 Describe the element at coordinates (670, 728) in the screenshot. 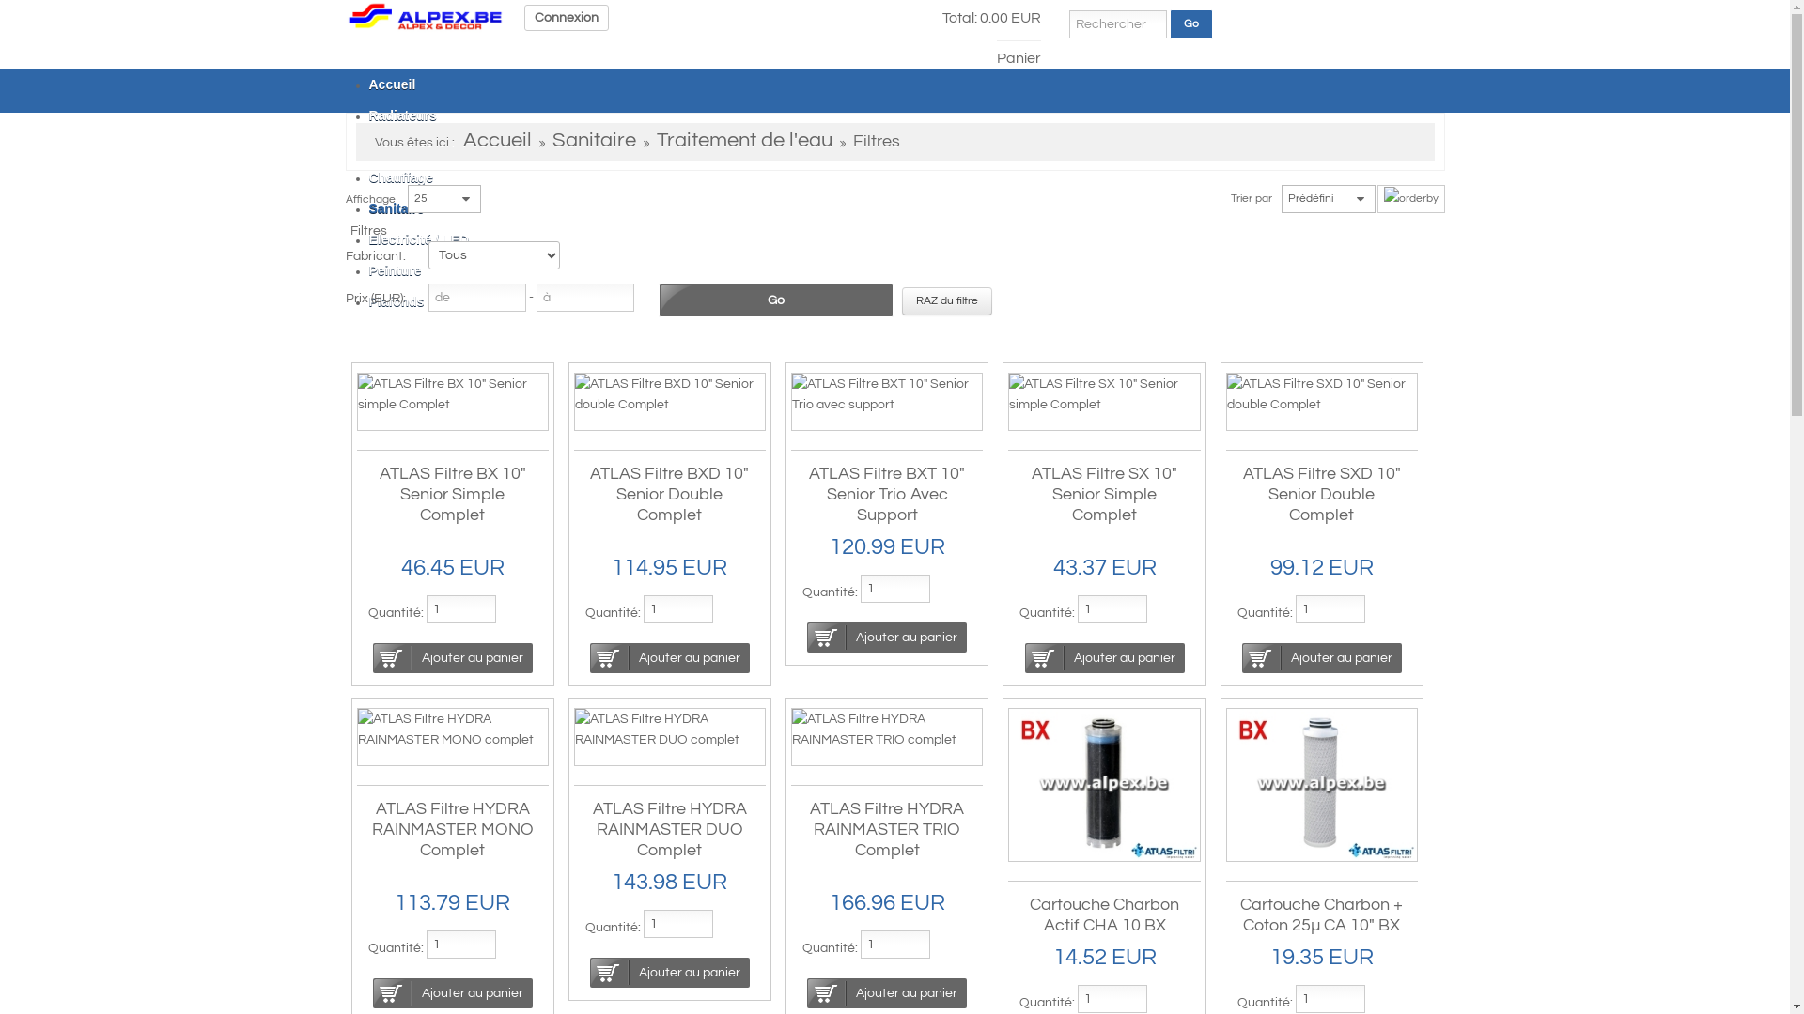

I see `'ATLAS Filtre HYDRA RAINMASTER DUO complet'` at that location.